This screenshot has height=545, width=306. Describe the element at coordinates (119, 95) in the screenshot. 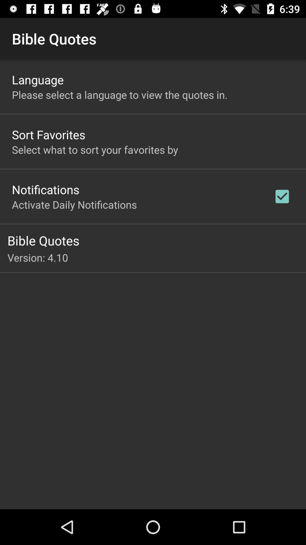

I see `the icon below language item` at that location.